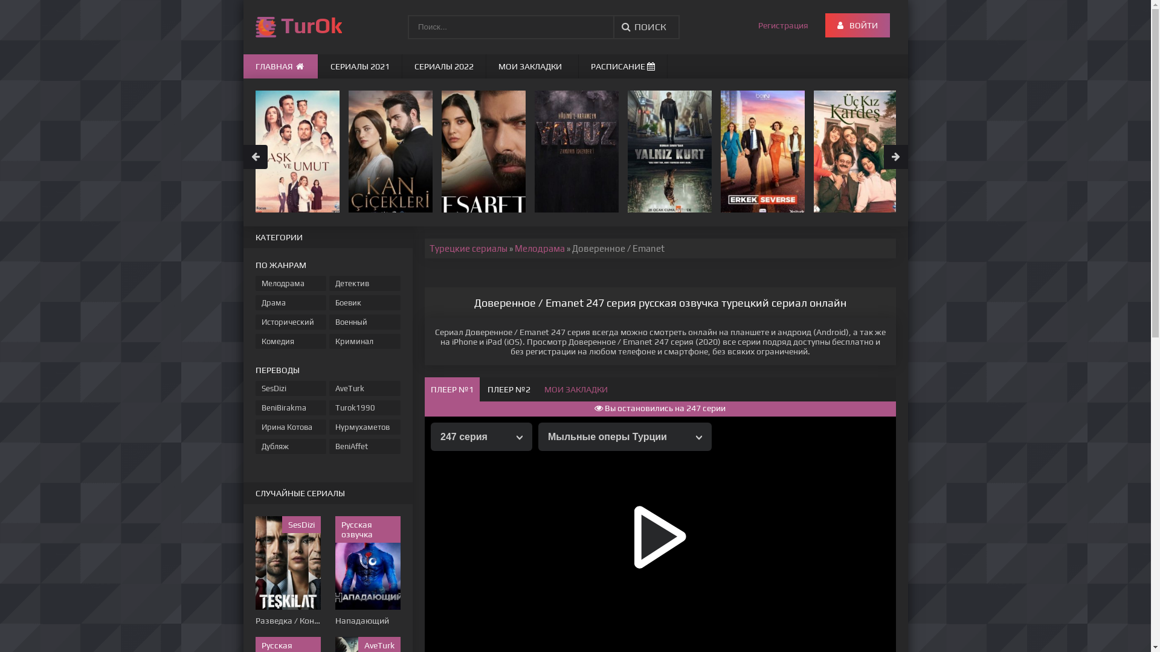 The height and width of the screenshot is (652, 1160). I want to click on 'SesDizi', so click(290, 388).